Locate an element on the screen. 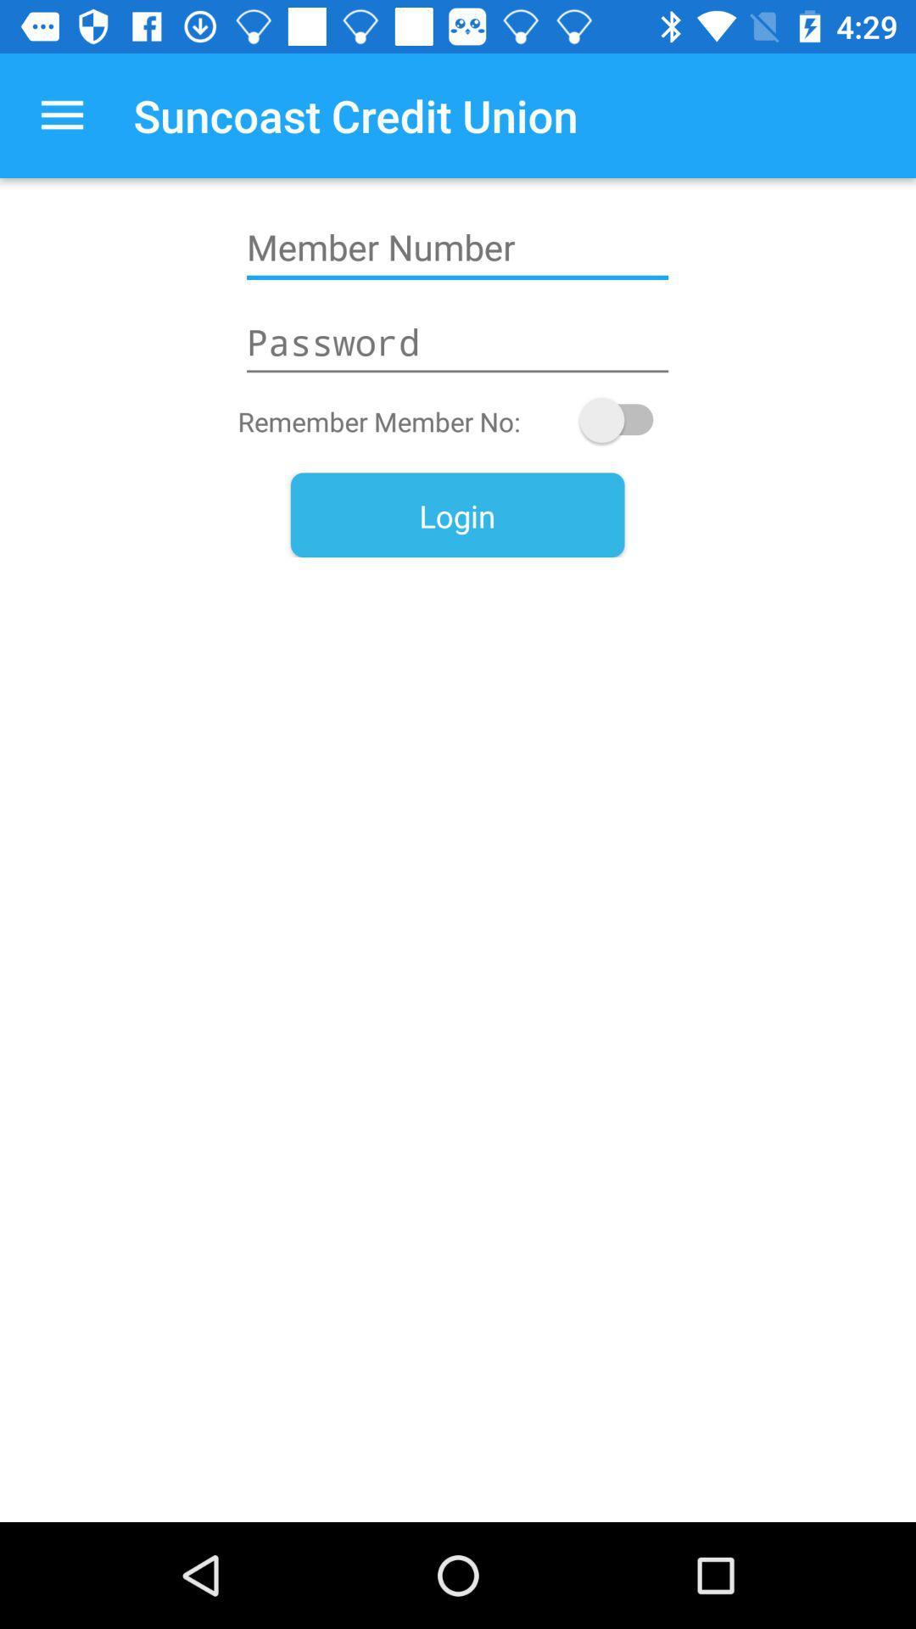 The height and width of the screenshot is (1629, 916). item to the right of the remember member no: is located at coordinates (624, 420).